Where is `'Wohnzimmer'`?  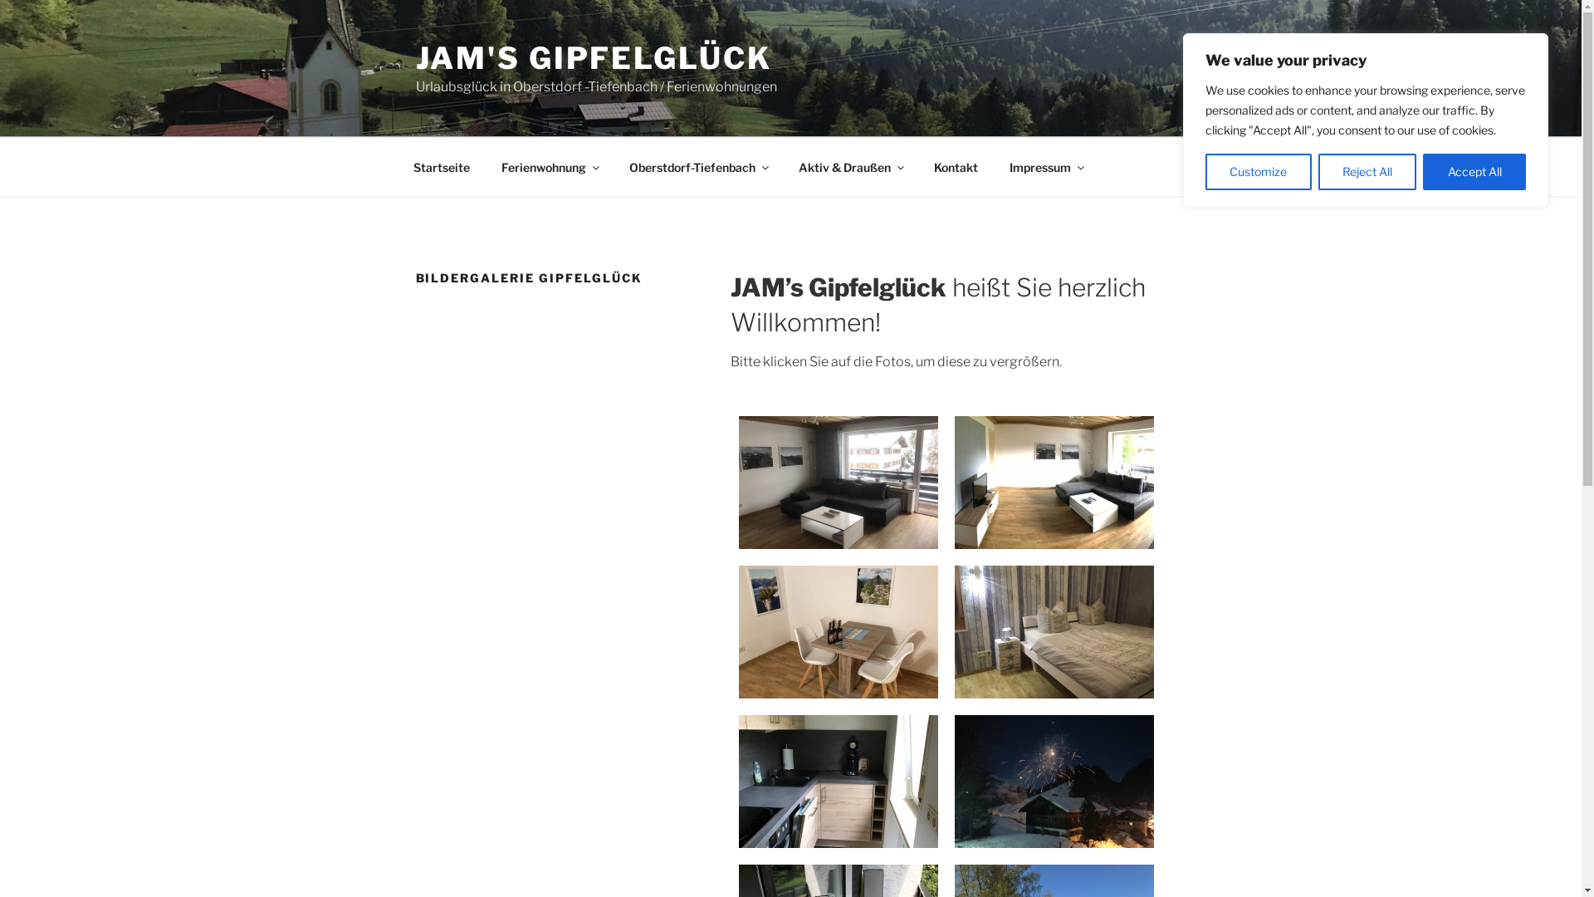 'Wohnzimmer' is located at coordinates (1054, 483).